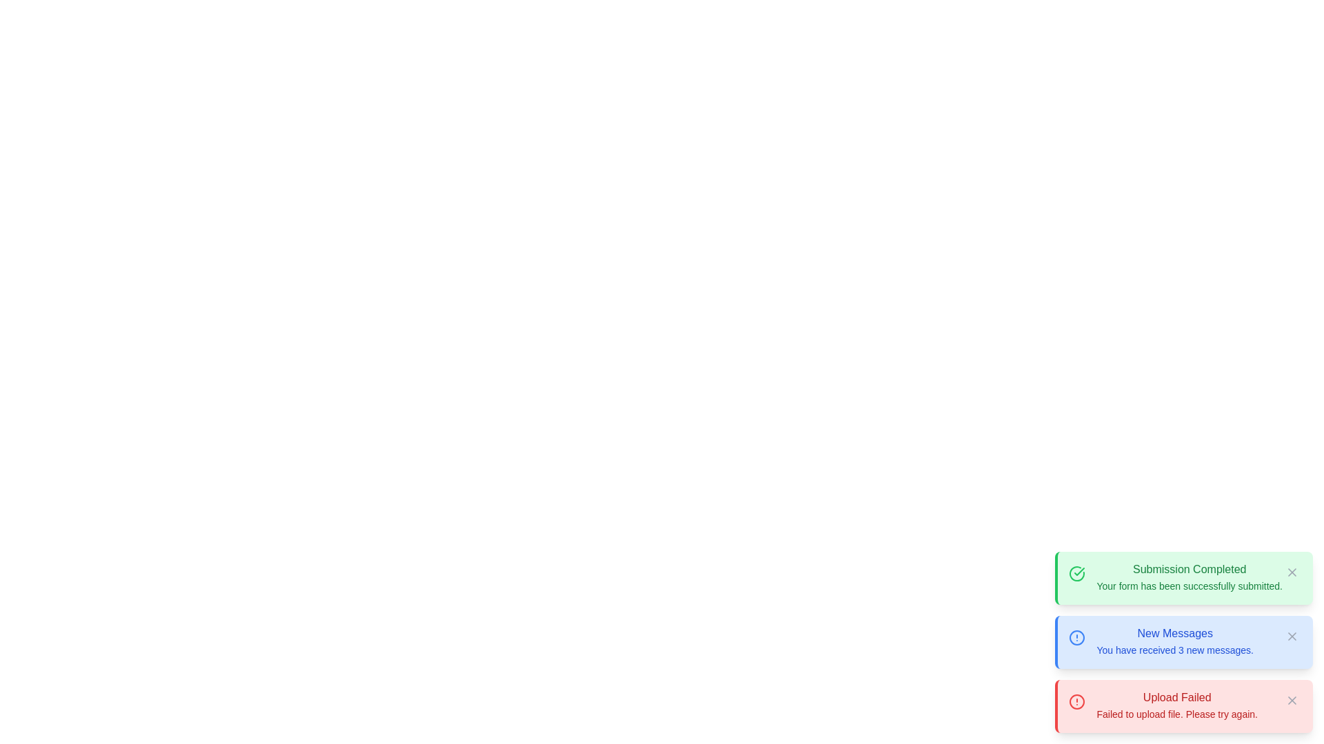  What do you see at coordinates (1291, 572) in the screenshot?
I see `the small 'X' icon button located at the top-right corner of the 'Submission Completed' green alert box to observe a visual change` at bounding box center [1291, 572].